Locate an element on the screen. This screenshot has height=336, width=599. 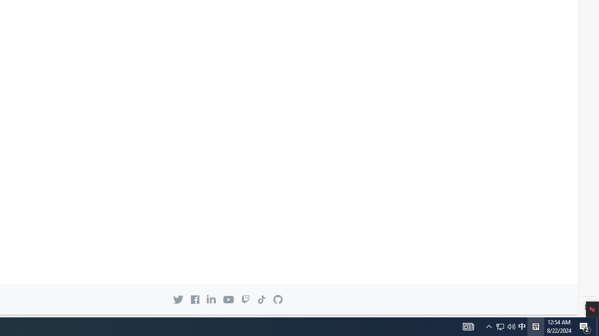
'GitHub on TikTok' is located at coordinates (262, 299).